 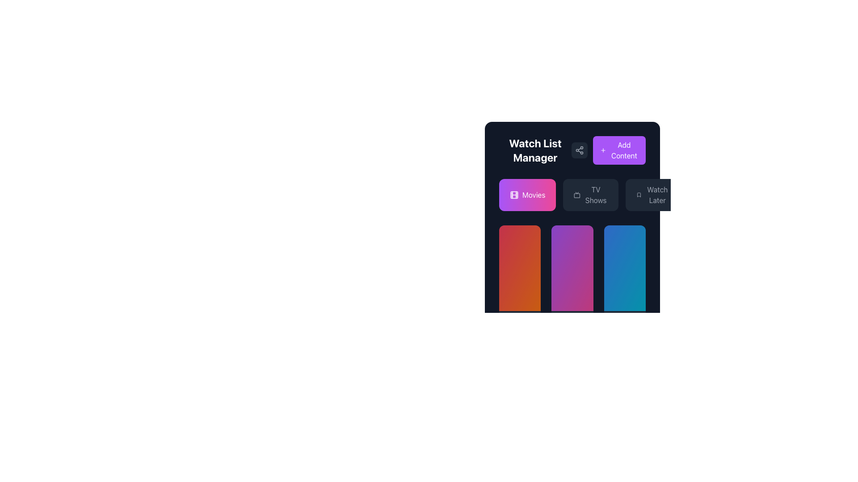 What do you see at coordinates (572, 150) in the screenshot?
I see `the button in the 'Watch List Manager' label` at bounding box center [572, 150].